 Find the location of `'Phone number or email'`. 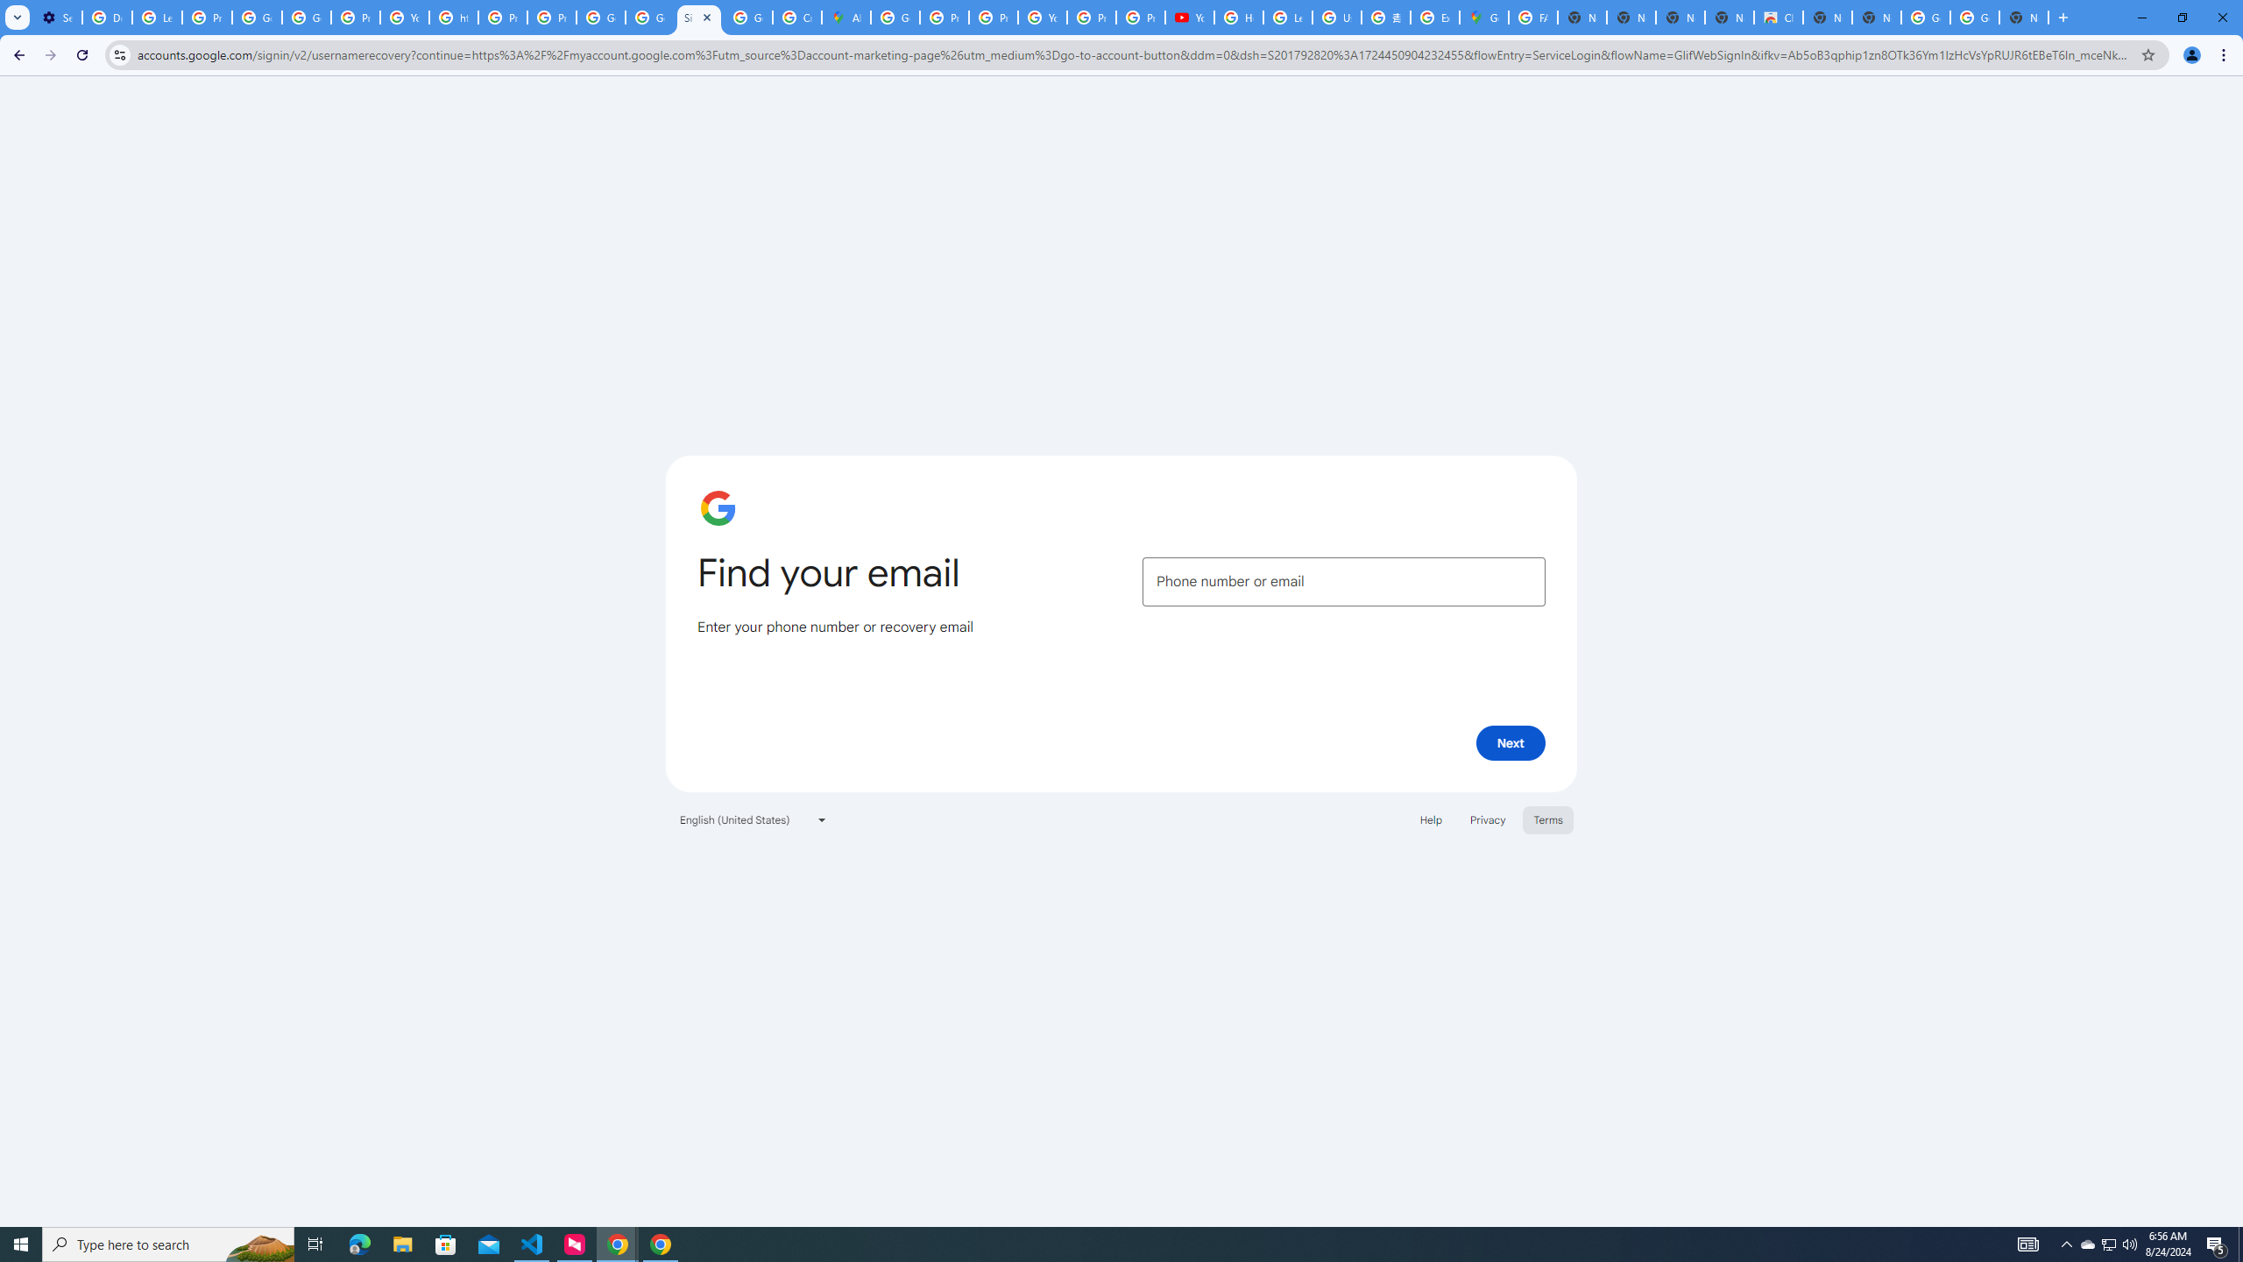

'Phone number or email' is located at coordinates (1343, 580).